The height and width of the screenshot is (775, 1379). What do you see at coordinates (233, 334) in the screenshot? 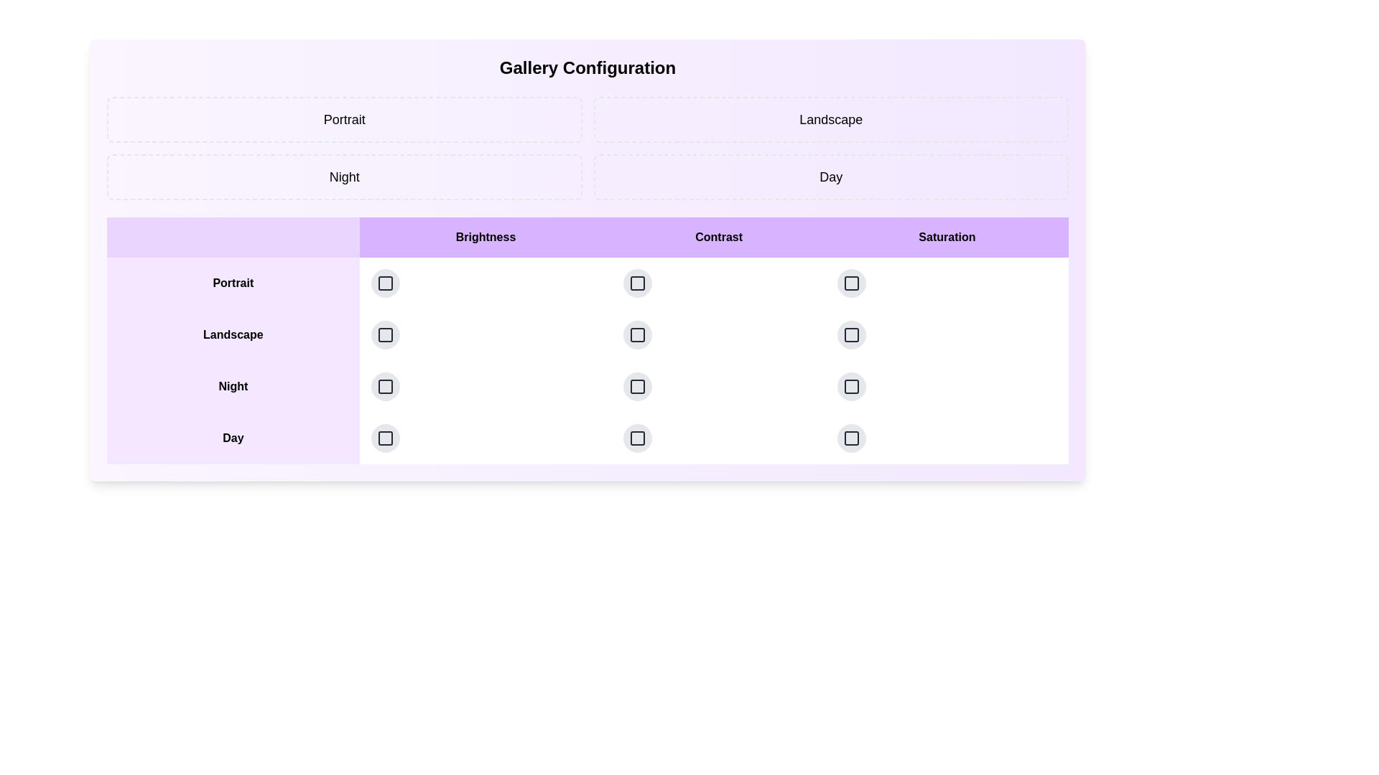
I see `text content from the rectangular text label with the content 'Landscape', which is styled with a purple background and bold black text, located under 'Brightness' in the vertical list of labels` at bounding box center [233, 334].